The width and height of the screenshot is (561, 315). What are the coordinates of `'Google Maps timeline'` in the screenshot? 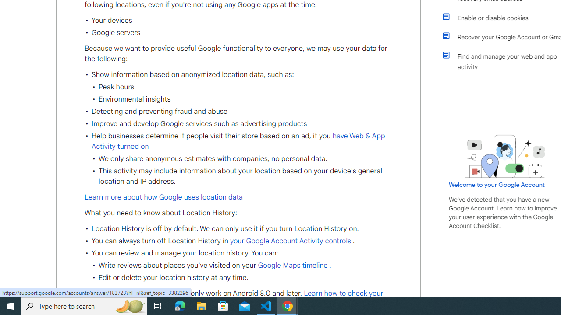 It's located at (292, 265).